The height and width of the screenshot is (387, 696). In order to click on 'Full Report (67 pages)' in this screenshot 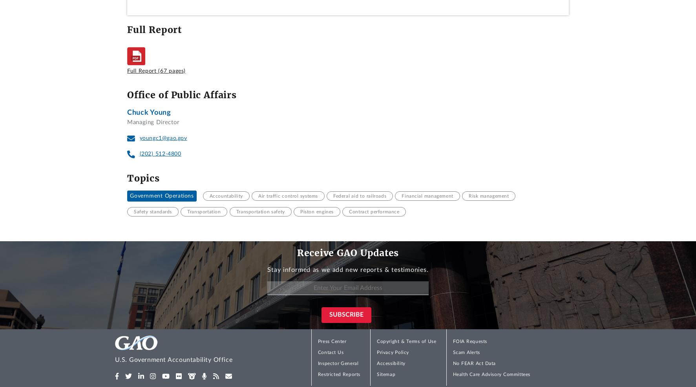, I will do `click(156, 70)`.